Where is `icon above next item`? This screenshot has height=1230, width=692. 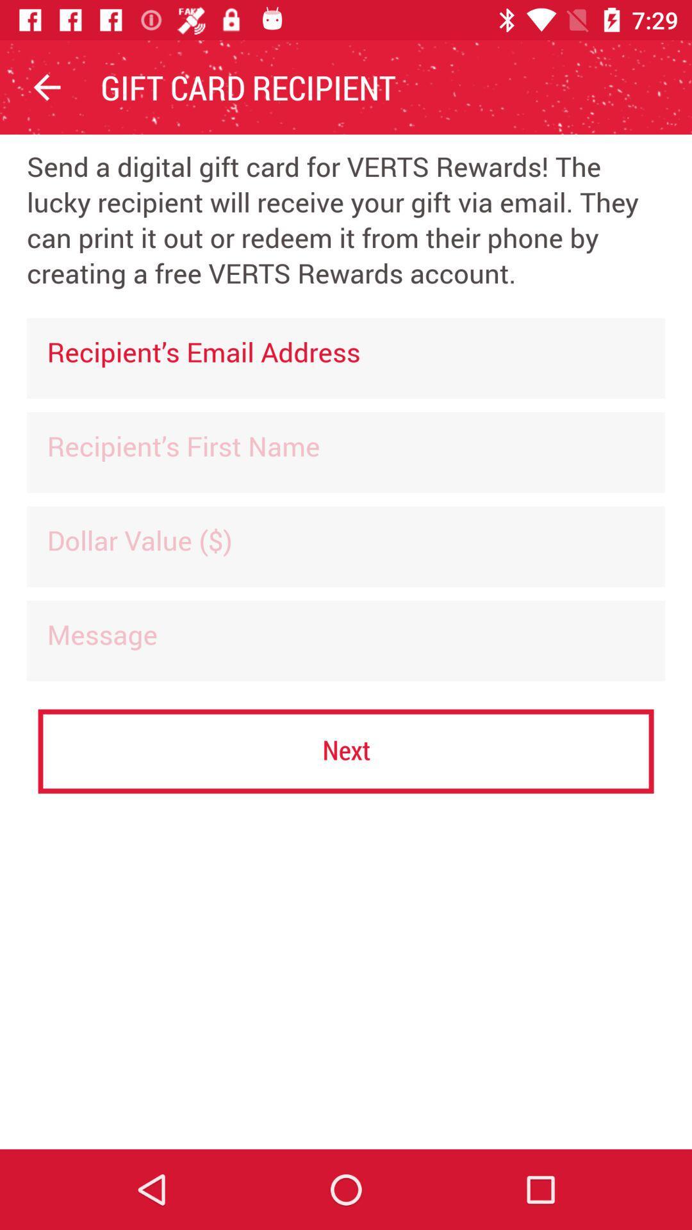 icon above next item is located at coordinates (346, 641).